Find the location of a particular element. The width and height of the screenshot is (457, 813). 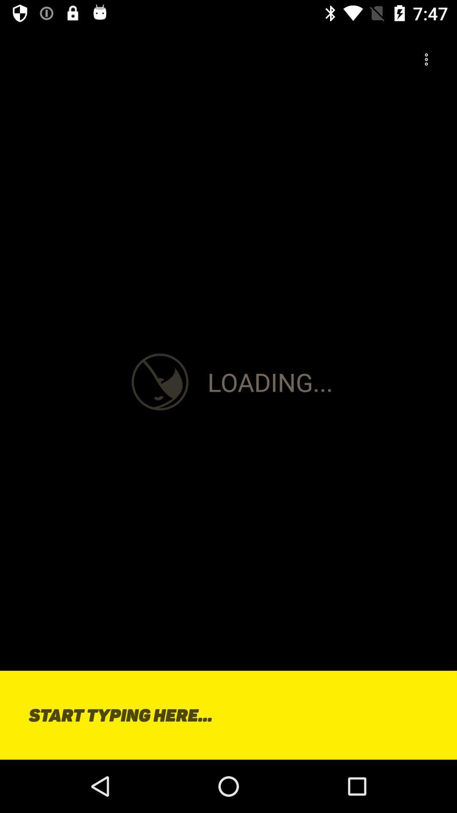

start typing here... item is located at coordinates (228, 715).